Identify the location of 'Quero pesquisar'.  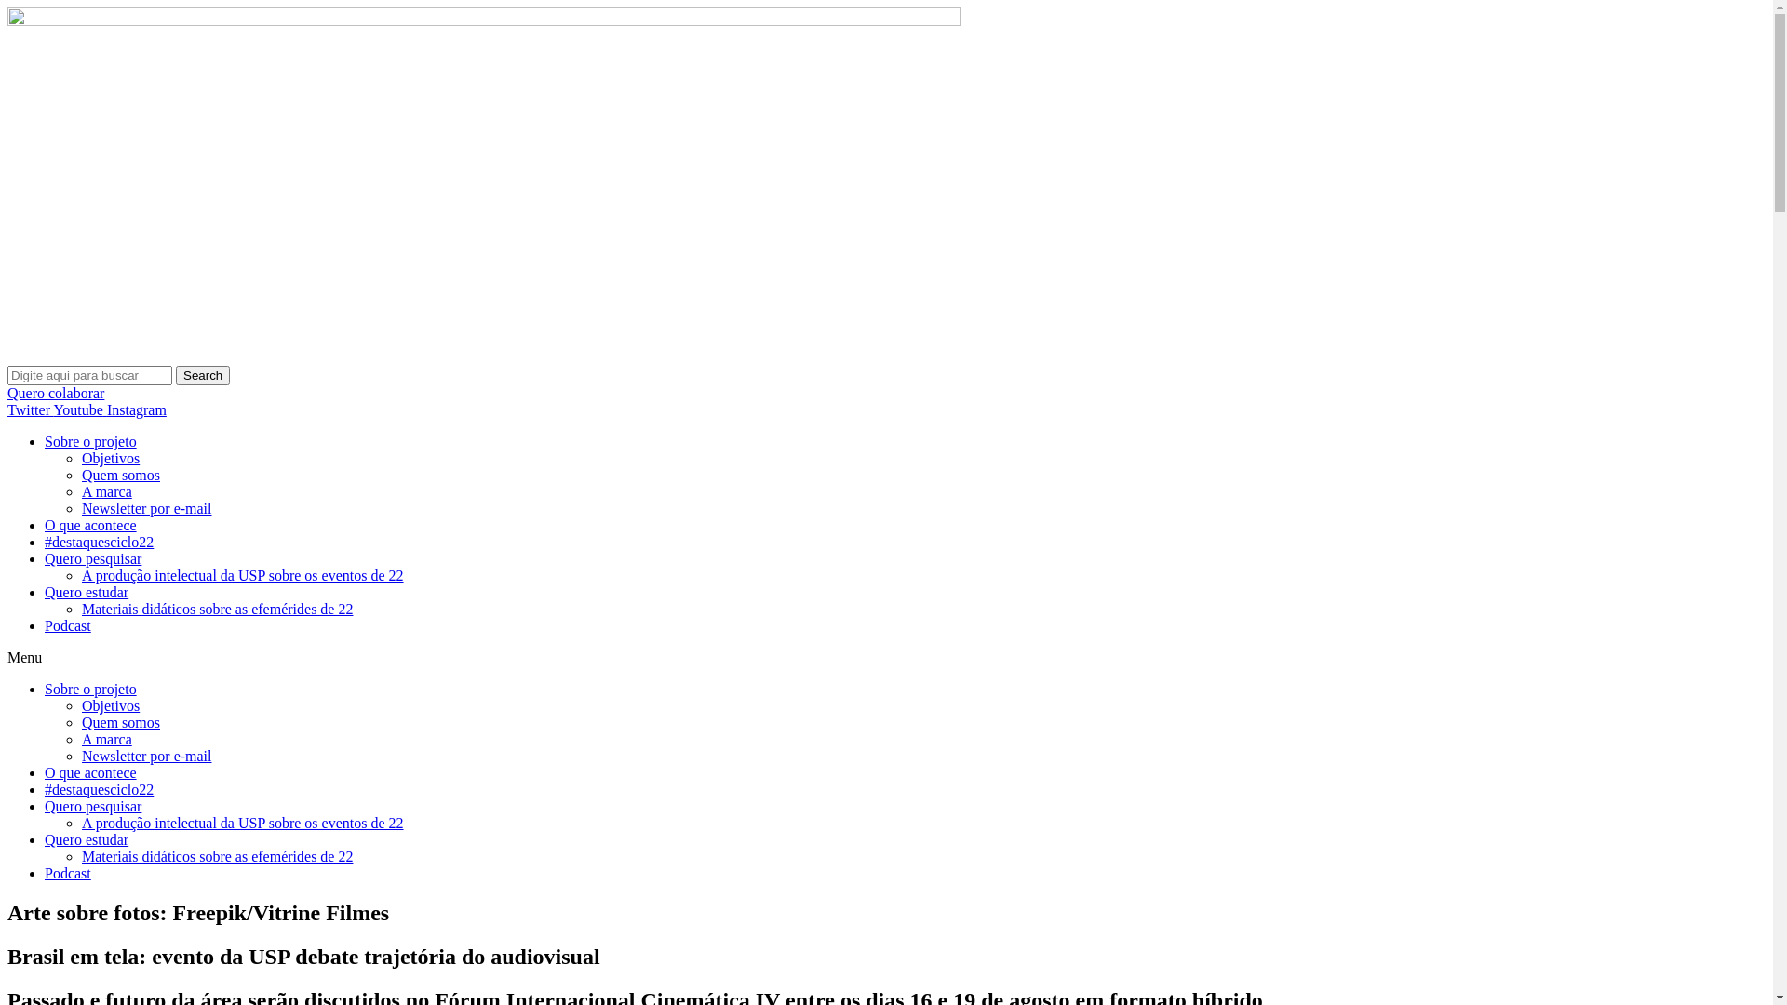
(92, 805).